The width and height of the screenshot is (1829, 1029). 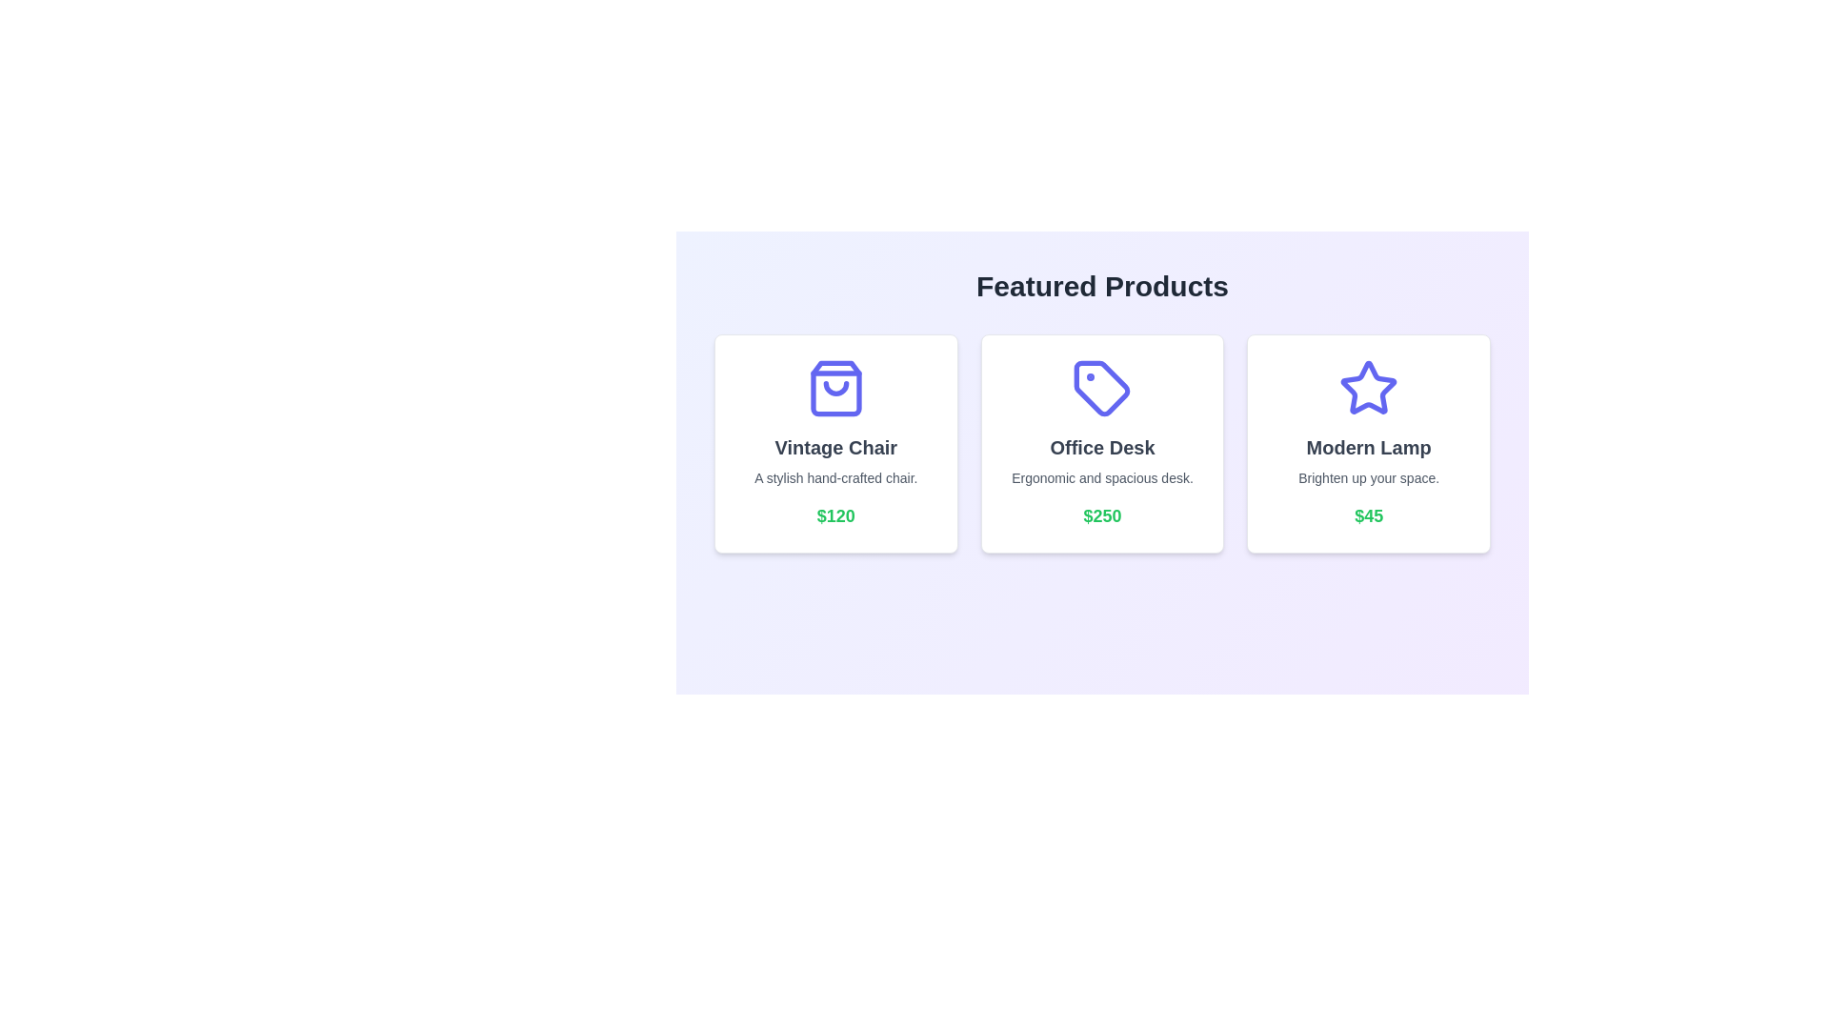 I want to click on the rating icon for the 'Modern Lamp' product located at the top center of its card in the 'Featured Products' section, so click(x=1368, y=386).